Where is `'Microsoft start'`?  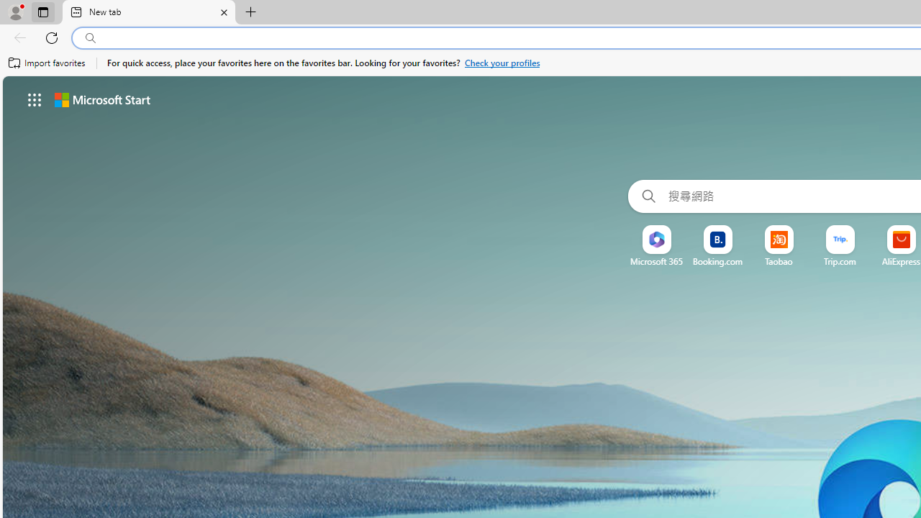
'Microsoft start' is located at coordinates (101, 99).